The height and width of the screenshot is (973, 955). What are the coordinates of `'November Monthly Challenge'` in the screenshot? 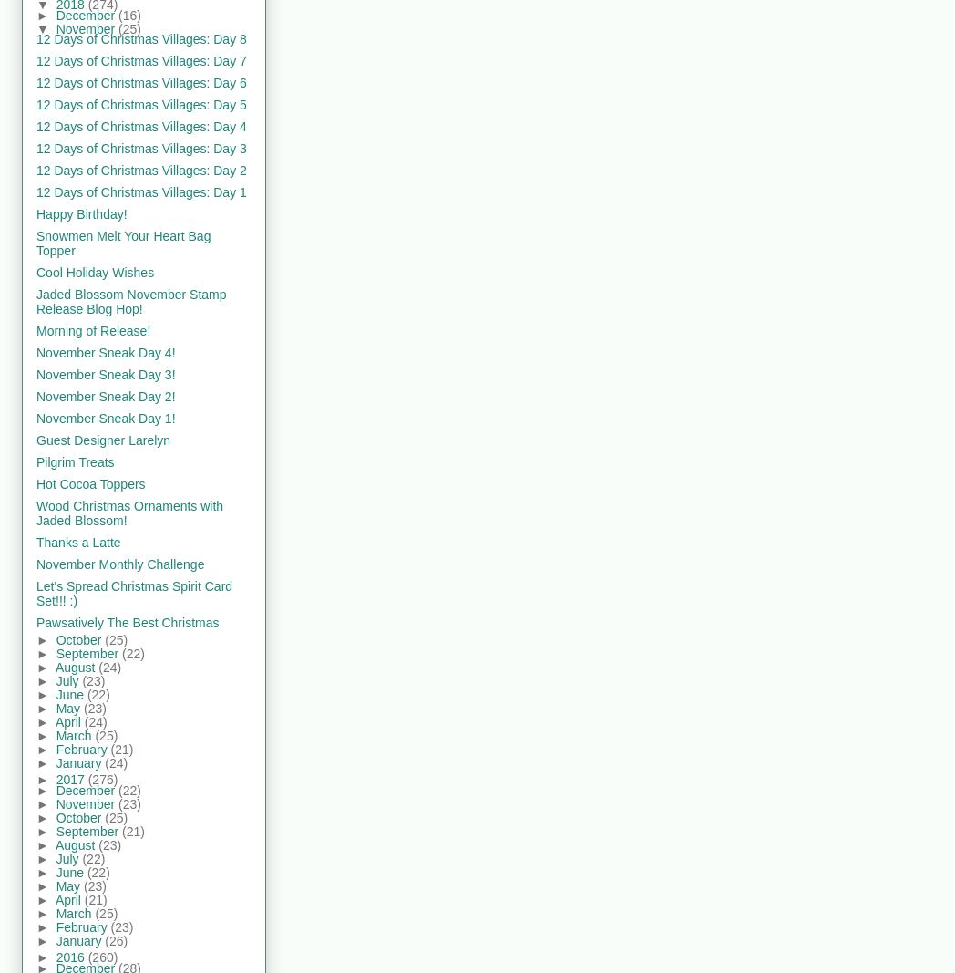 It's located at (120, 564).